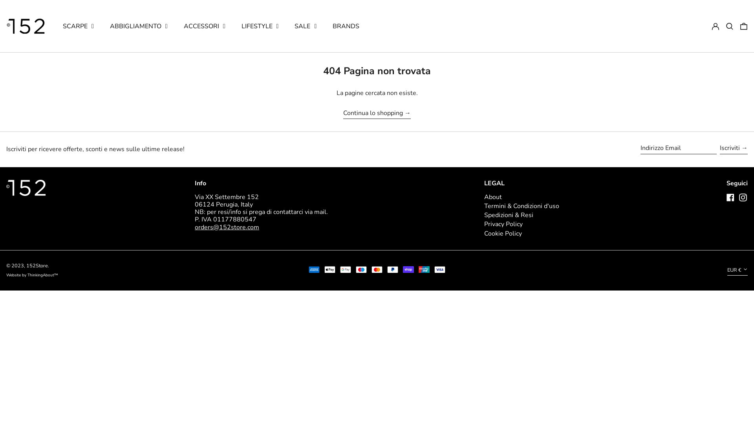 The width and height of the screenshot is (754, 424). Describe the element at coordinates (730, 199) in the screenshot. I see `'Facebook'` at that location.